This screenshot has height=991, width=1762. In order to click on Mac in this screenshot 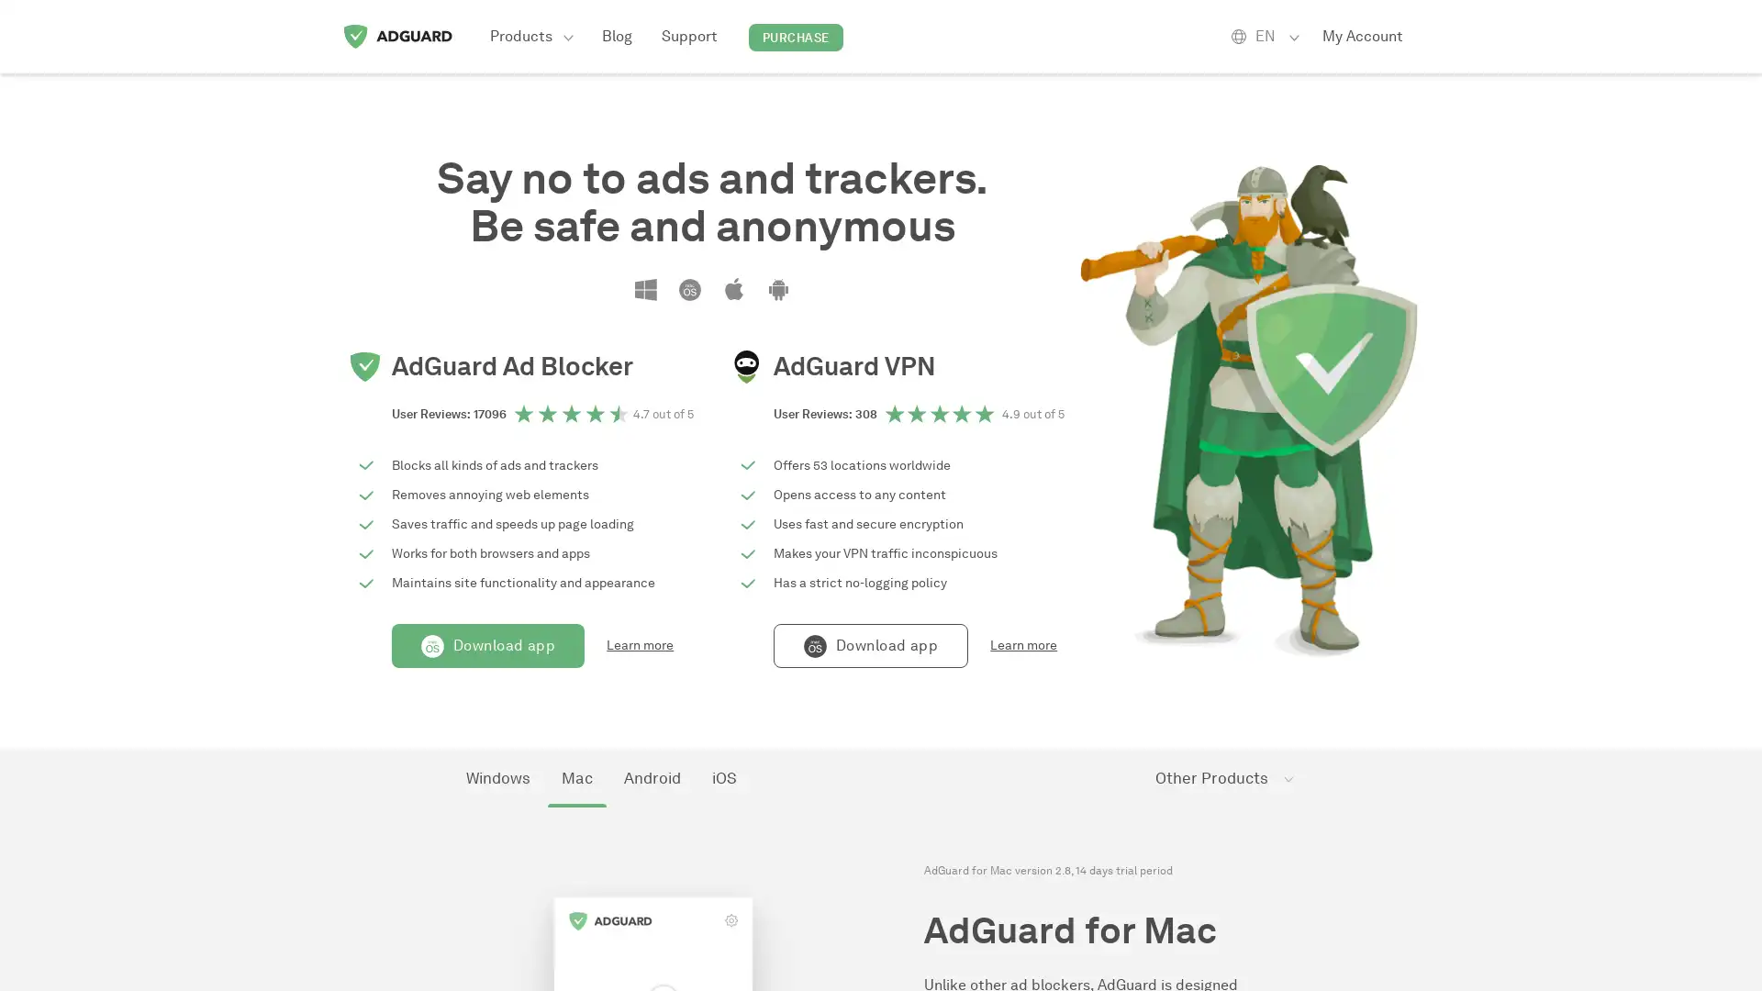, I will do `click(575, 778)`.